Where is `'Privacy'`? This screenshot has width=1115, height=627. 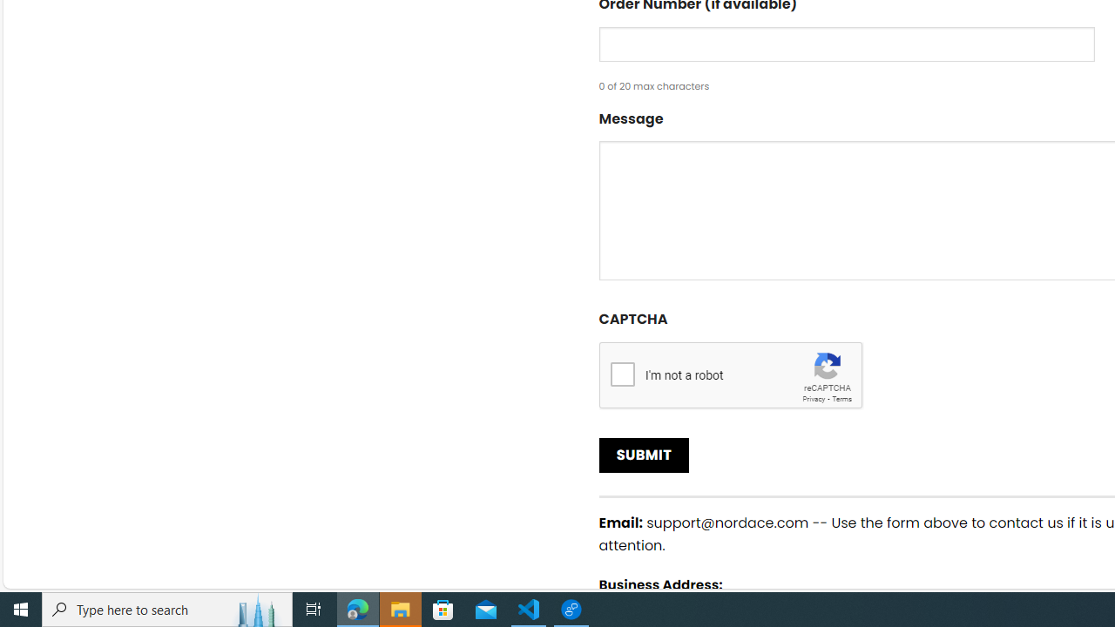
'Privacy' is located at coordinates (813, 398).